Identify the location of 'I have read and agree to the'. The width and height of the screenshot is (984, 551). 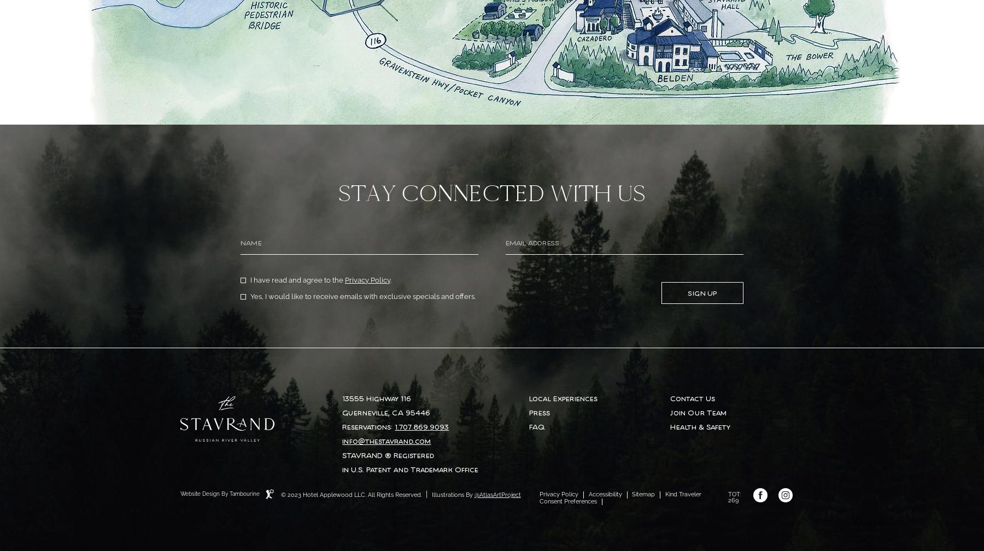
(297, 280).